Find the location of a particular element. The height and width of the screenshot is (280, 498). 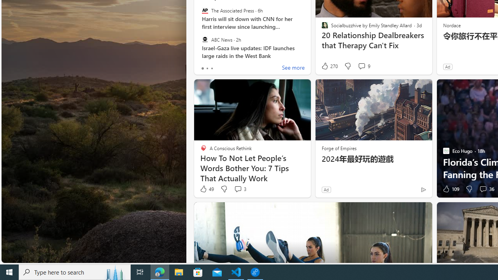

'See more' is located at coordinates (293, 68).